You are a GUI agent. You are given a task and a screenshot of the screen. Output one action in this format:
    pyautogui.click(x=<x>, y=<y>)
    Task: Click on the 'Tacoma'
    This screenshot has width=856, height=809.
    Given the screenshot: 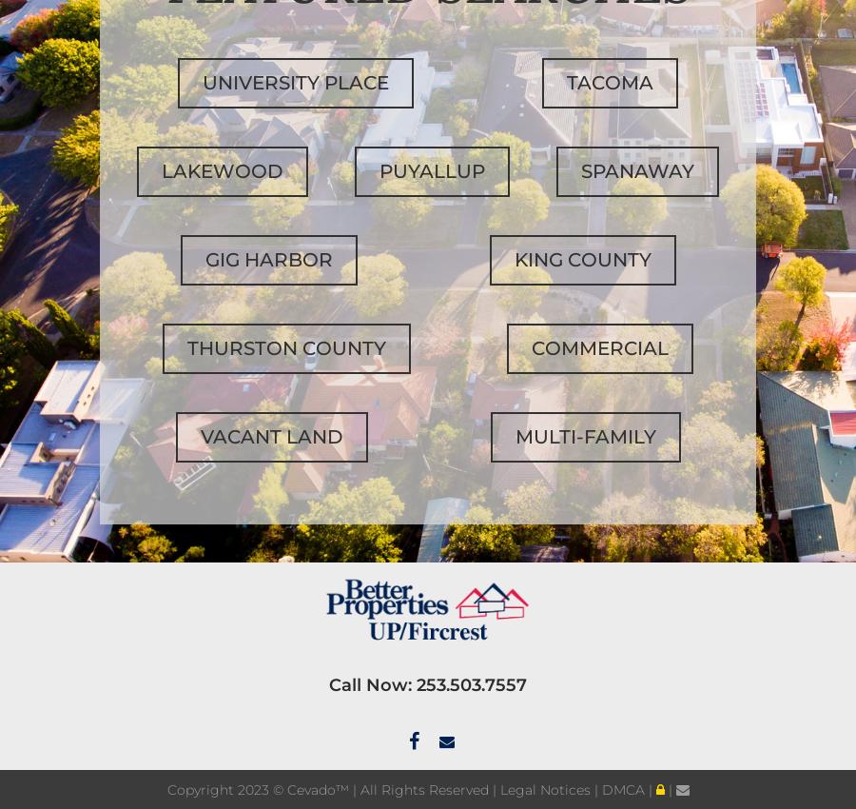 What is the action you would take?
    pyautogui.click(x=609, y=81)
    